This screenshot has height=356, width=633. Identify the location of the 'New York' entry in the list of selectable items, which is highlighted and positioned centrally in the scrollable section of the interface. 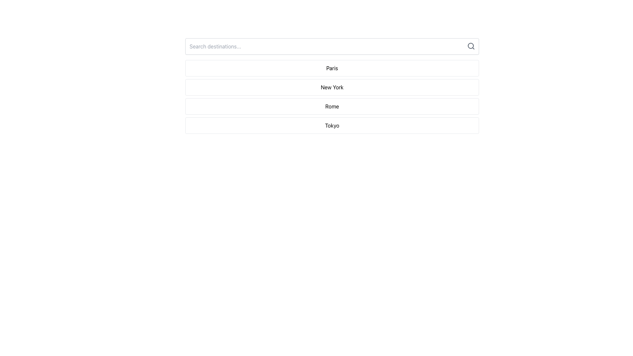
(332, 86).